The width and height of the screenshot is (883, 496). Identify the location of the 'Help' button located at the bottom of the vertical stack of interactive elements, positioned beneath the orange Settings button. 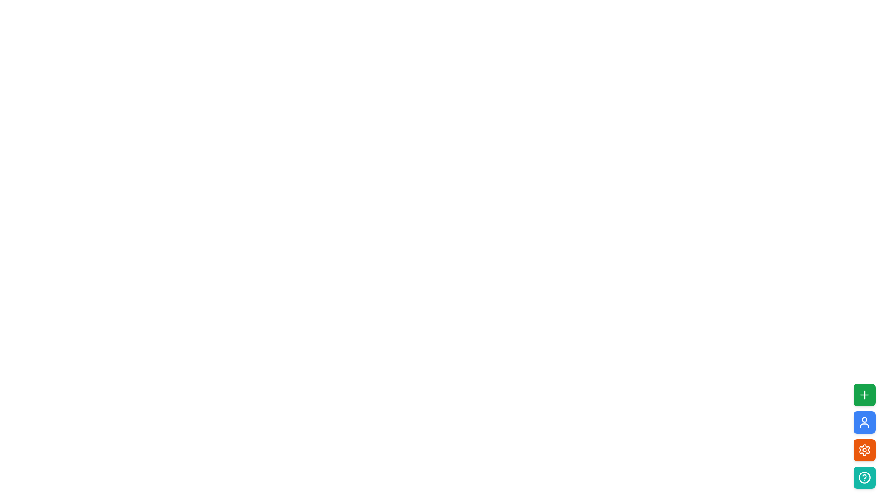
(864, 477).